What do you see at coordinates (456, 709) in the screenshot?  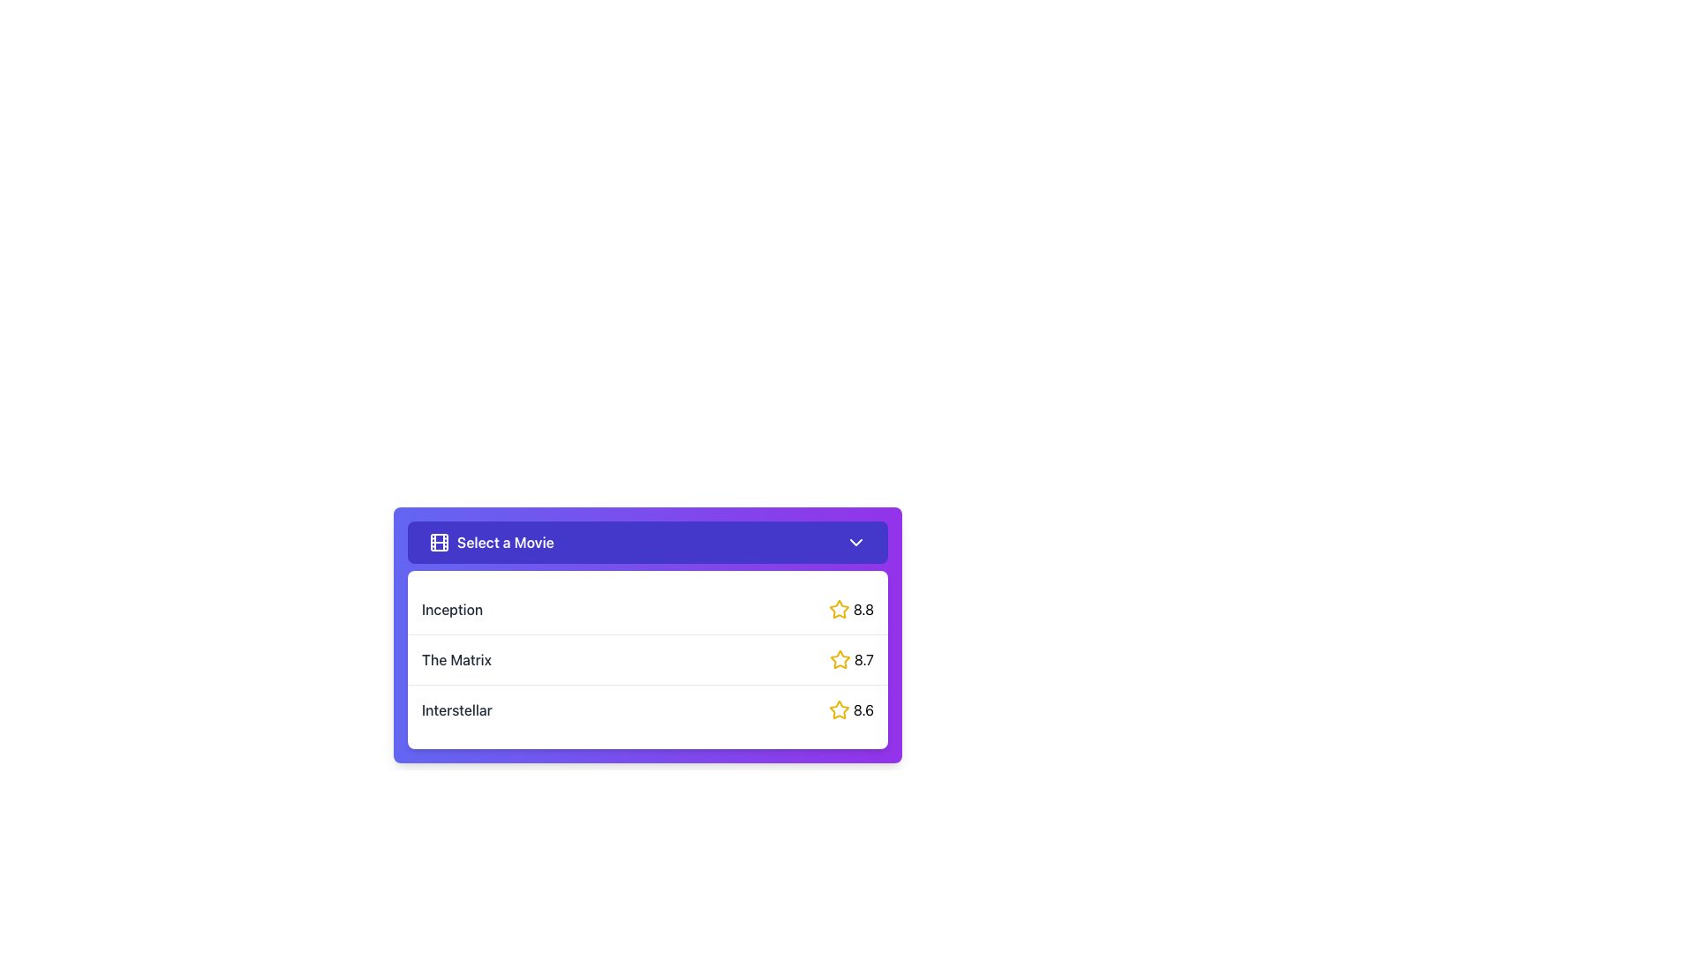 I see `the movie title text label located in the third row of the movie selector dropdown` at bounding box center [456, 709].